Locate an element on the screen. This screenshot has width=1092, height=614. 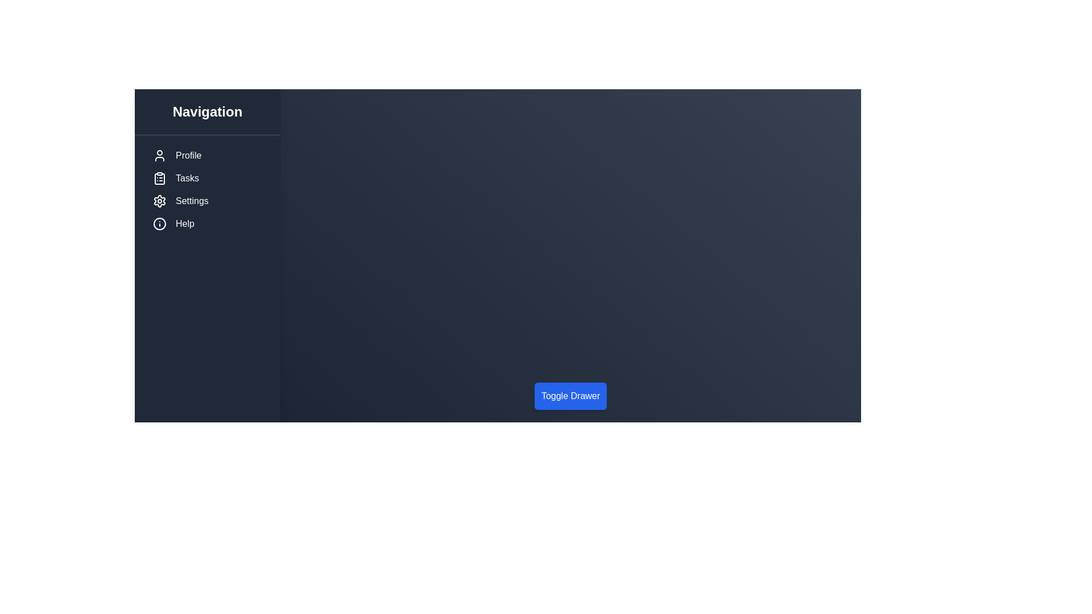
the menu item labeled Settings in the sidebar is located at coordinates (207, 201).